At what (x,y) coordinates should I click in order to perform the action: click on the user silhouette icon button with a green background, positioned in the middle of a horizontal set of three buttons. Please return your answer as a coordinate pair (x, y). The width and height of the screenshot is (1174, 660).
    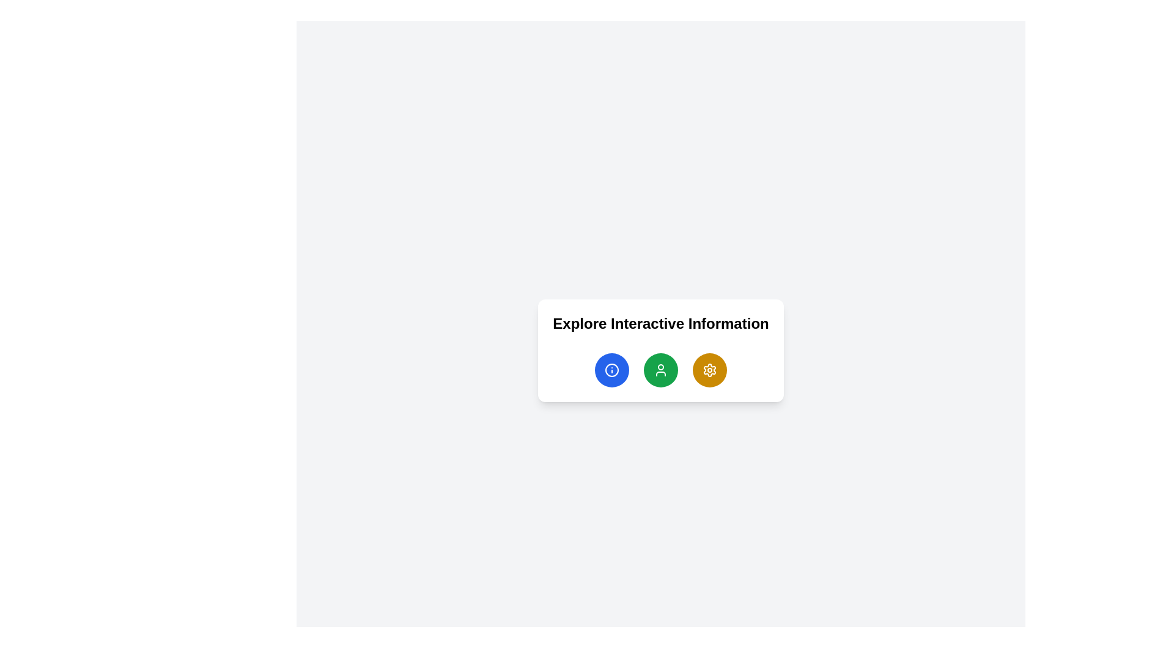
    Looking at the image, I should click on (660, 369).